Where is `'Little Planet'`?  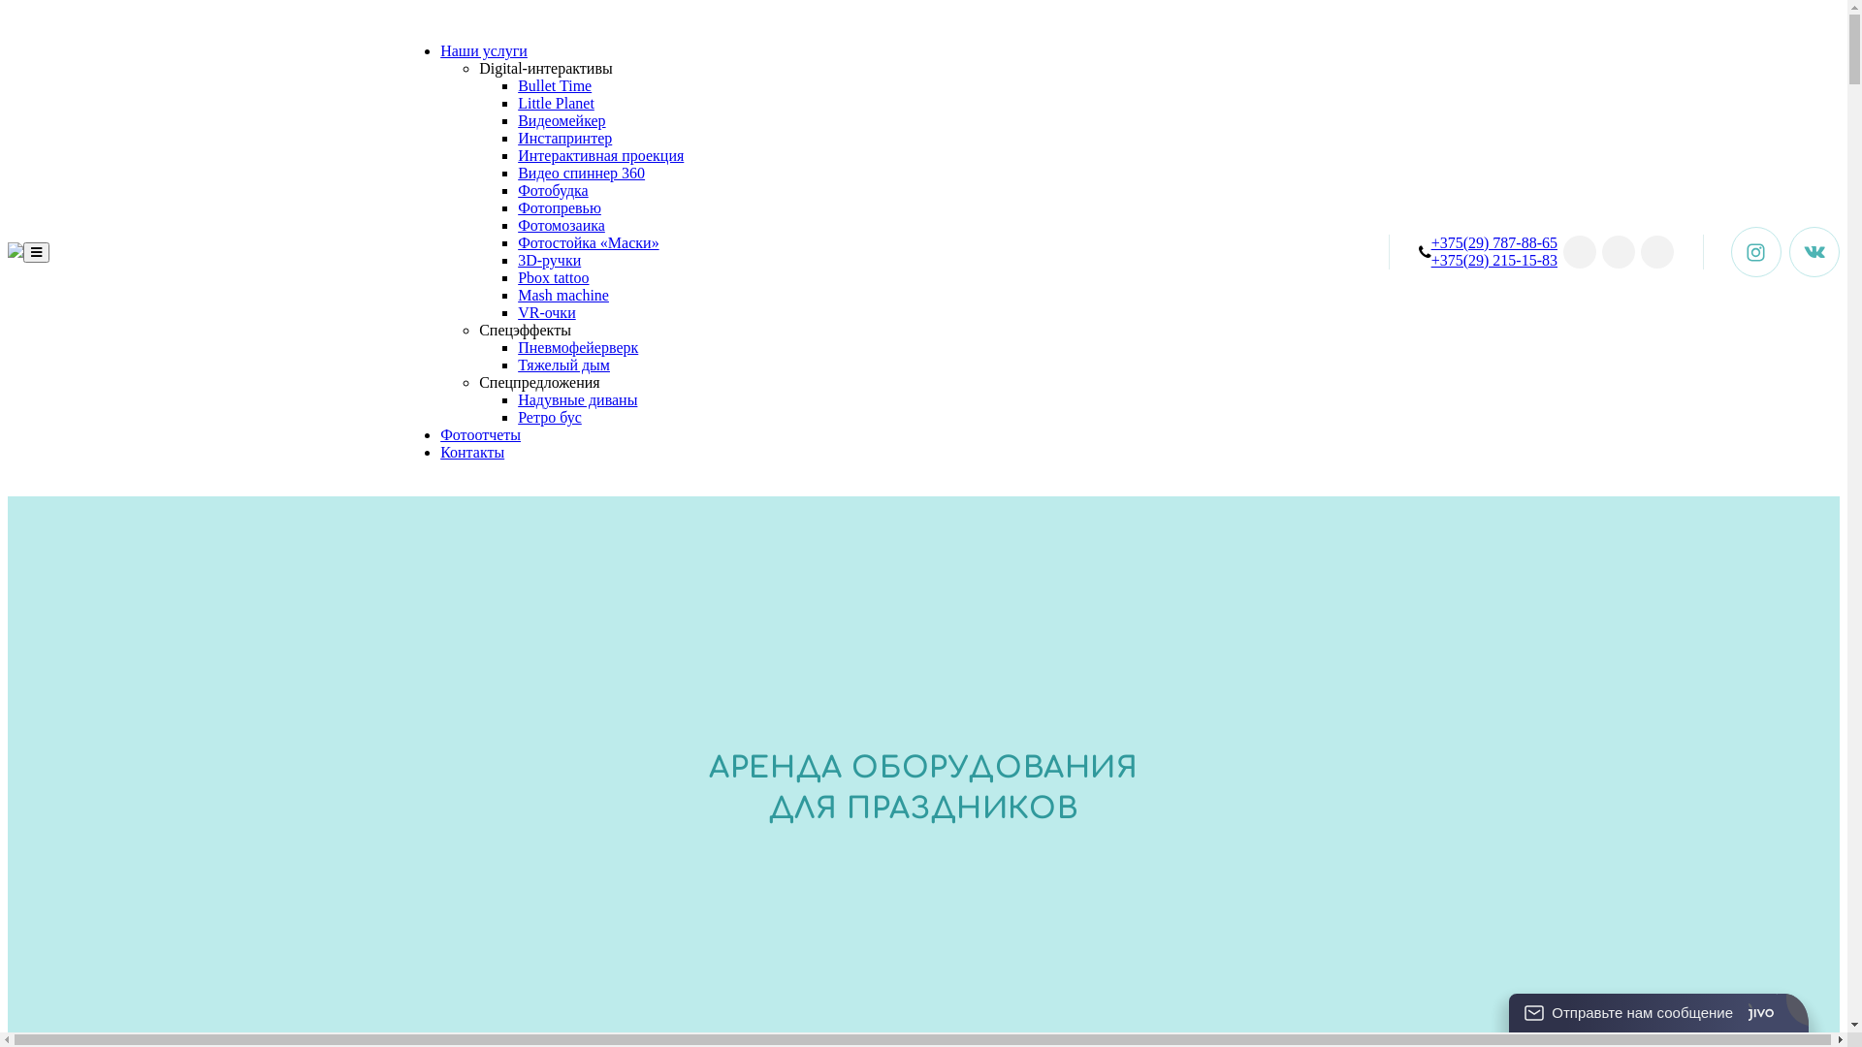
'Little Planet' is located at coordinates (517, 103).